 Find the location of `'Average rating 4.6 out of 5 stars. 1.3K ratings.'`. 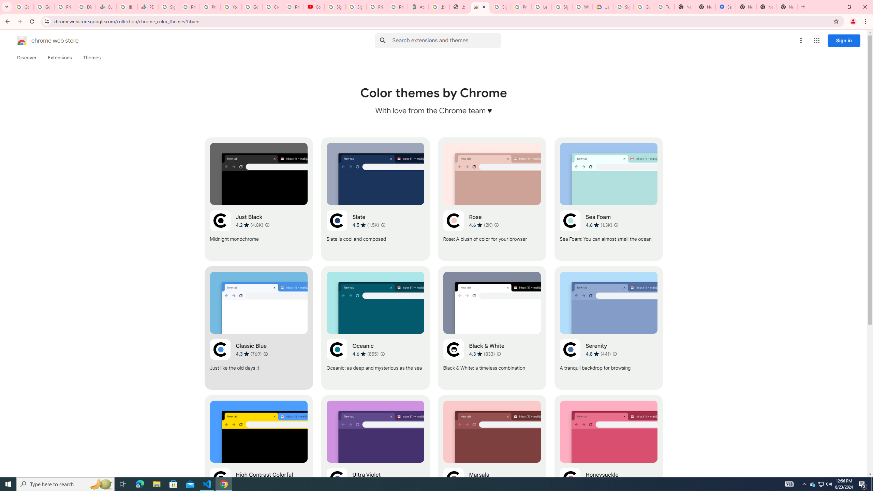

'Average rating 4.6 out of 5 stars. 1.3K ratings.' is located at coordinates (599, 225).